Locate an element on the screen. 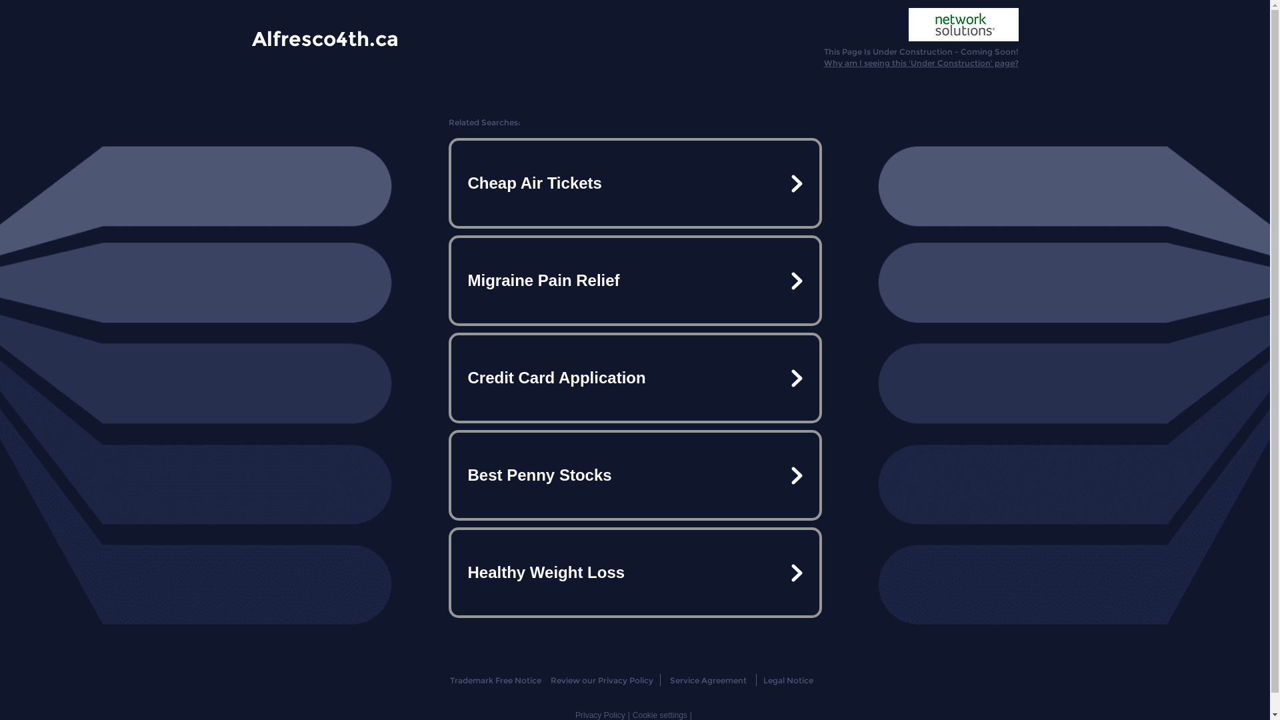  'Healthy Weight Loss' is located at coordinates (633, 572).